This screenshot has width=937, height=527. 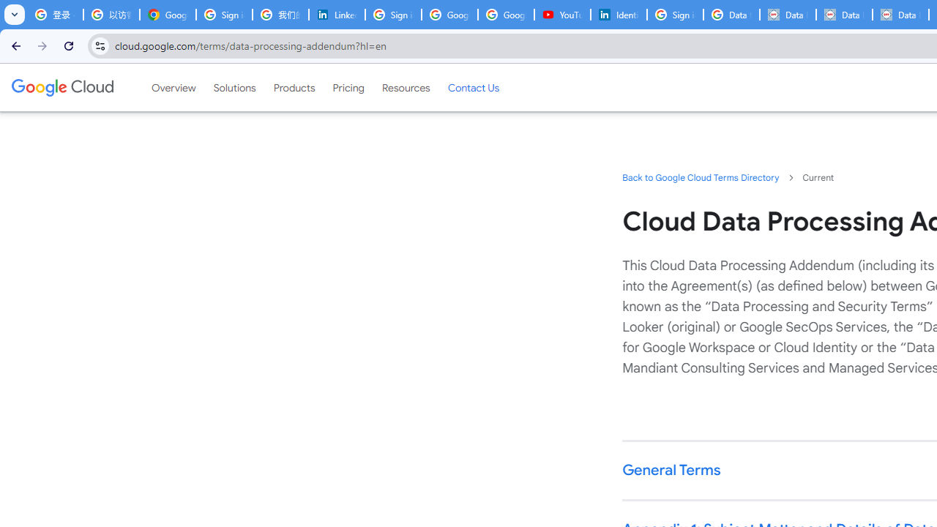 What do you see at coordinates (406, 87) in the screenshot?
I see `'Resources'` at bounding box center [406, 87].